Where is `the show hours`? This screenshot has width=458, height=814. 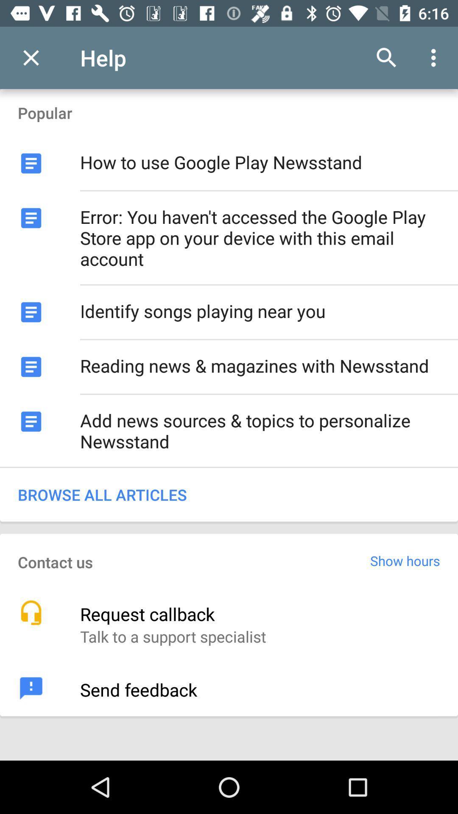
the show hours is located at coordinates (405, 560).